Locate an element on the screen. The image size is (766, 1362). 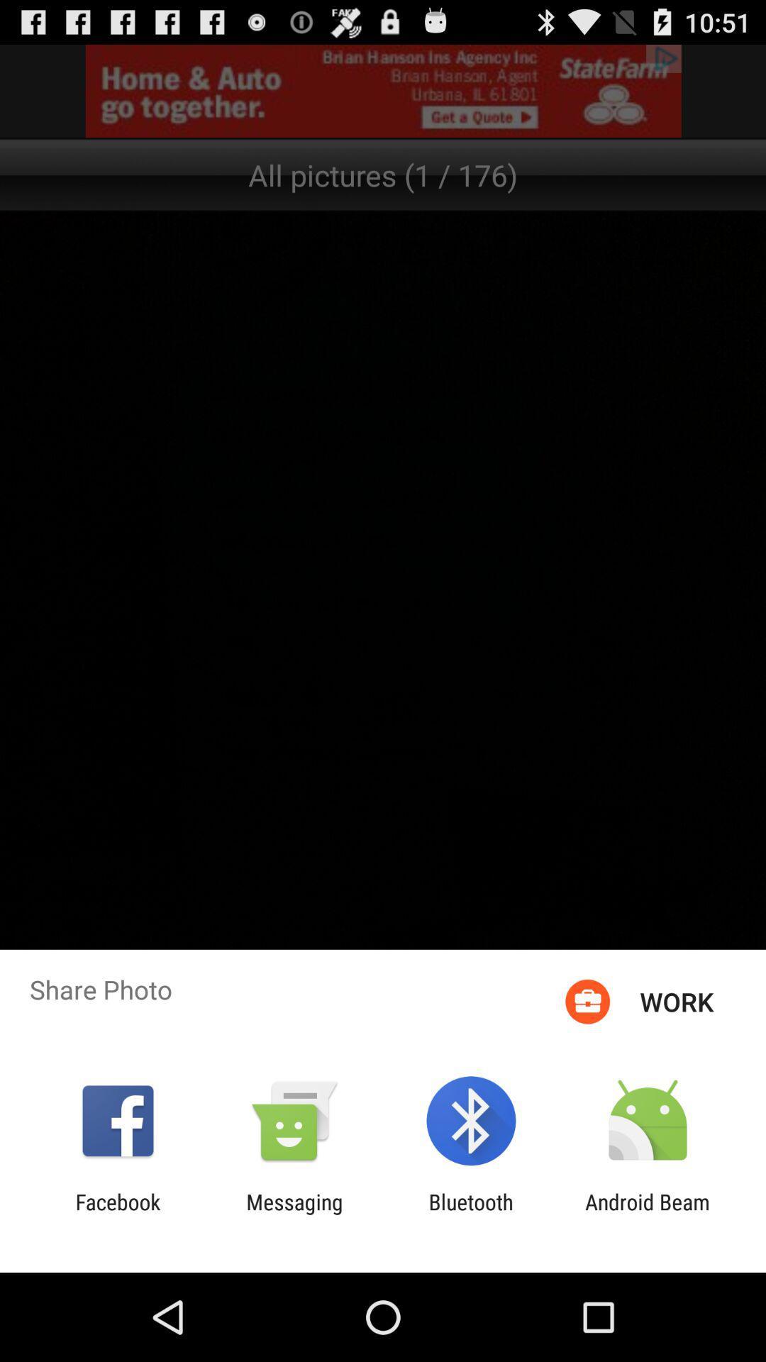
the app to the right of the facebook is located at coordinates (294, 1214).